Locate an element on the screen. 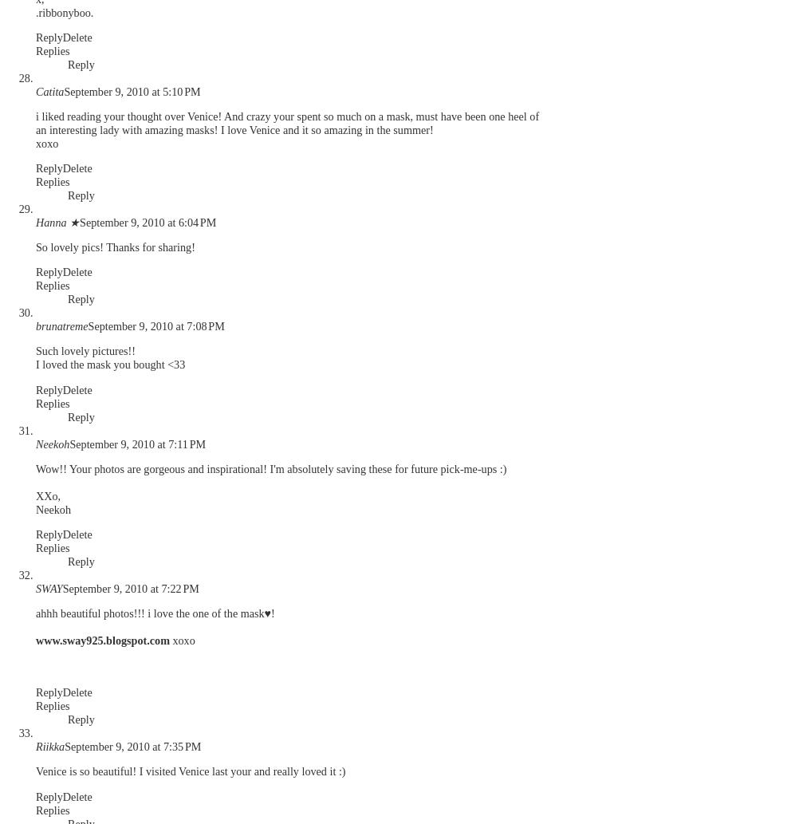 Image resolution: width=807 pixels, height=824 pixels. 'I loved the mask you bought <33' is located at coordinates (110, 364).